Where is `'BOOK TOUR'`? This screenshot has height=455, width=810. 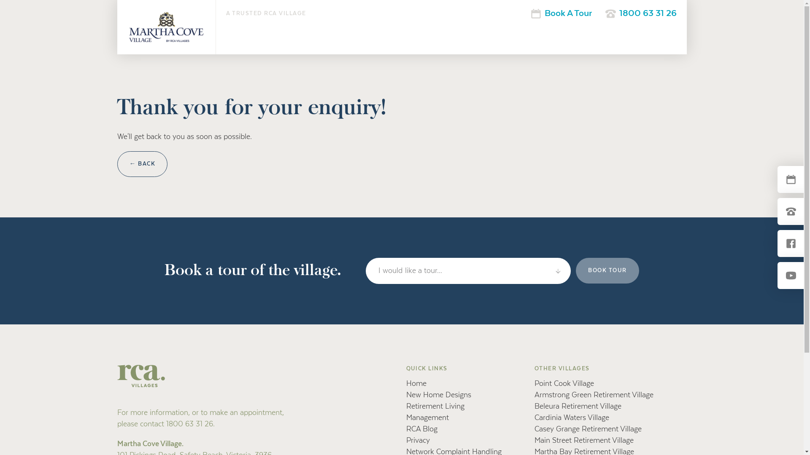 'BOOK TOUR' is located at coordinates (607, 270).